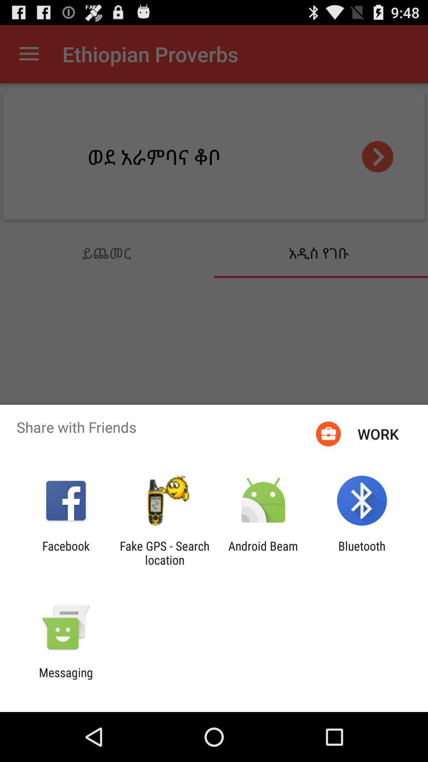  Describe the element at coordinates (362, 552) in the screenshot. I see `bluetooth item` at that location.